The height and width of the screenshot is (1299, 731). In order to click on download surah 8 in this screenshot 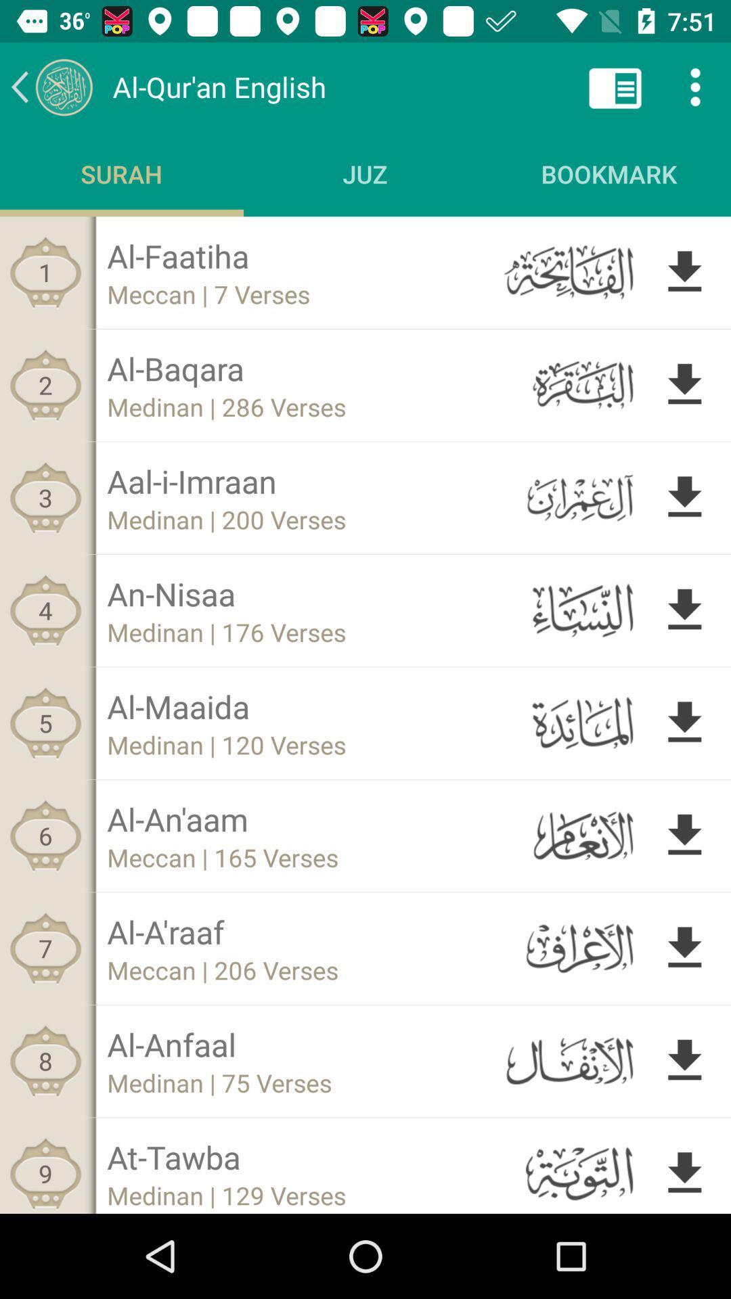, I will do `click(684, 1060)`.